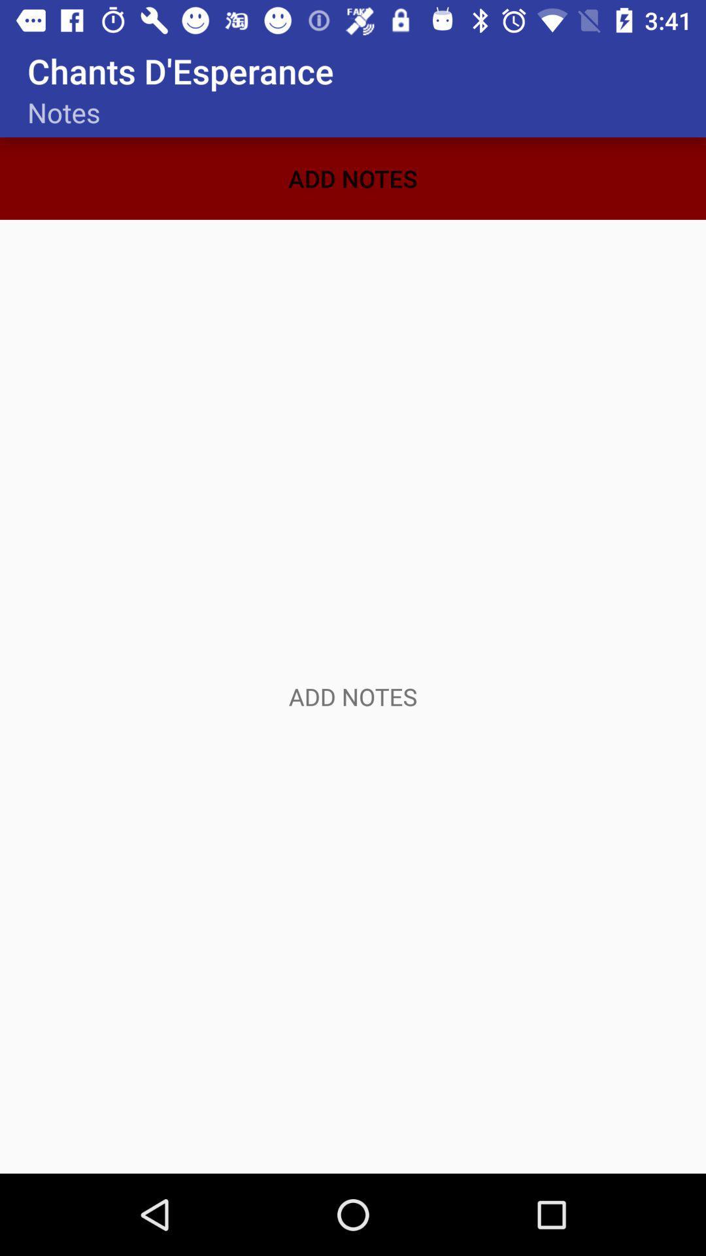 This screenshot has height=1256, width=706. Describe the element at coordinates (353, 696) in the screenshot. I see `icon below add notes icon` at that location.